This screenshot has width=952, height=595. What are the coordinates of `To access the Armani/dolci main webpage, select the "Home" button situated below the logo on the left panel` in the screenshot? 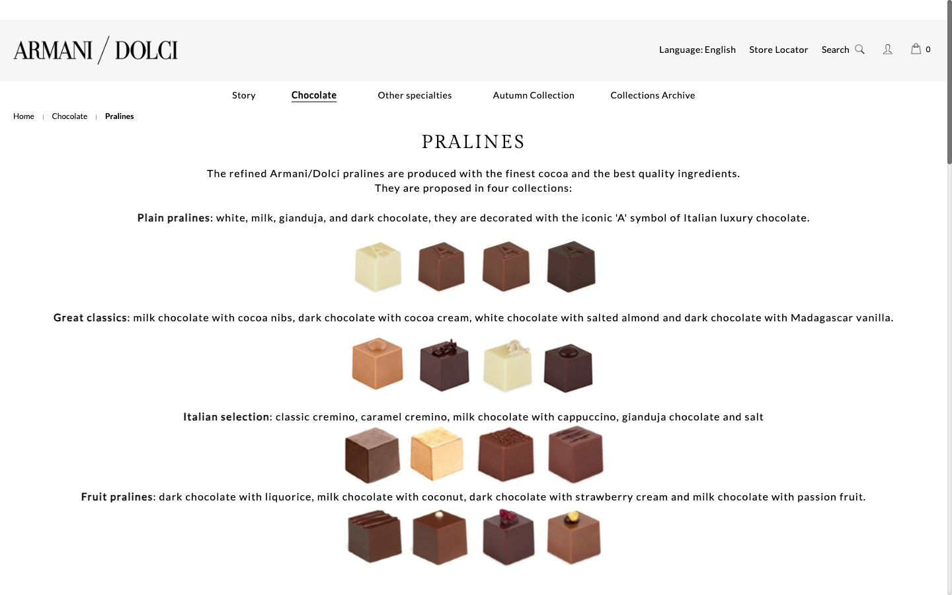 It's located at (23, 116).